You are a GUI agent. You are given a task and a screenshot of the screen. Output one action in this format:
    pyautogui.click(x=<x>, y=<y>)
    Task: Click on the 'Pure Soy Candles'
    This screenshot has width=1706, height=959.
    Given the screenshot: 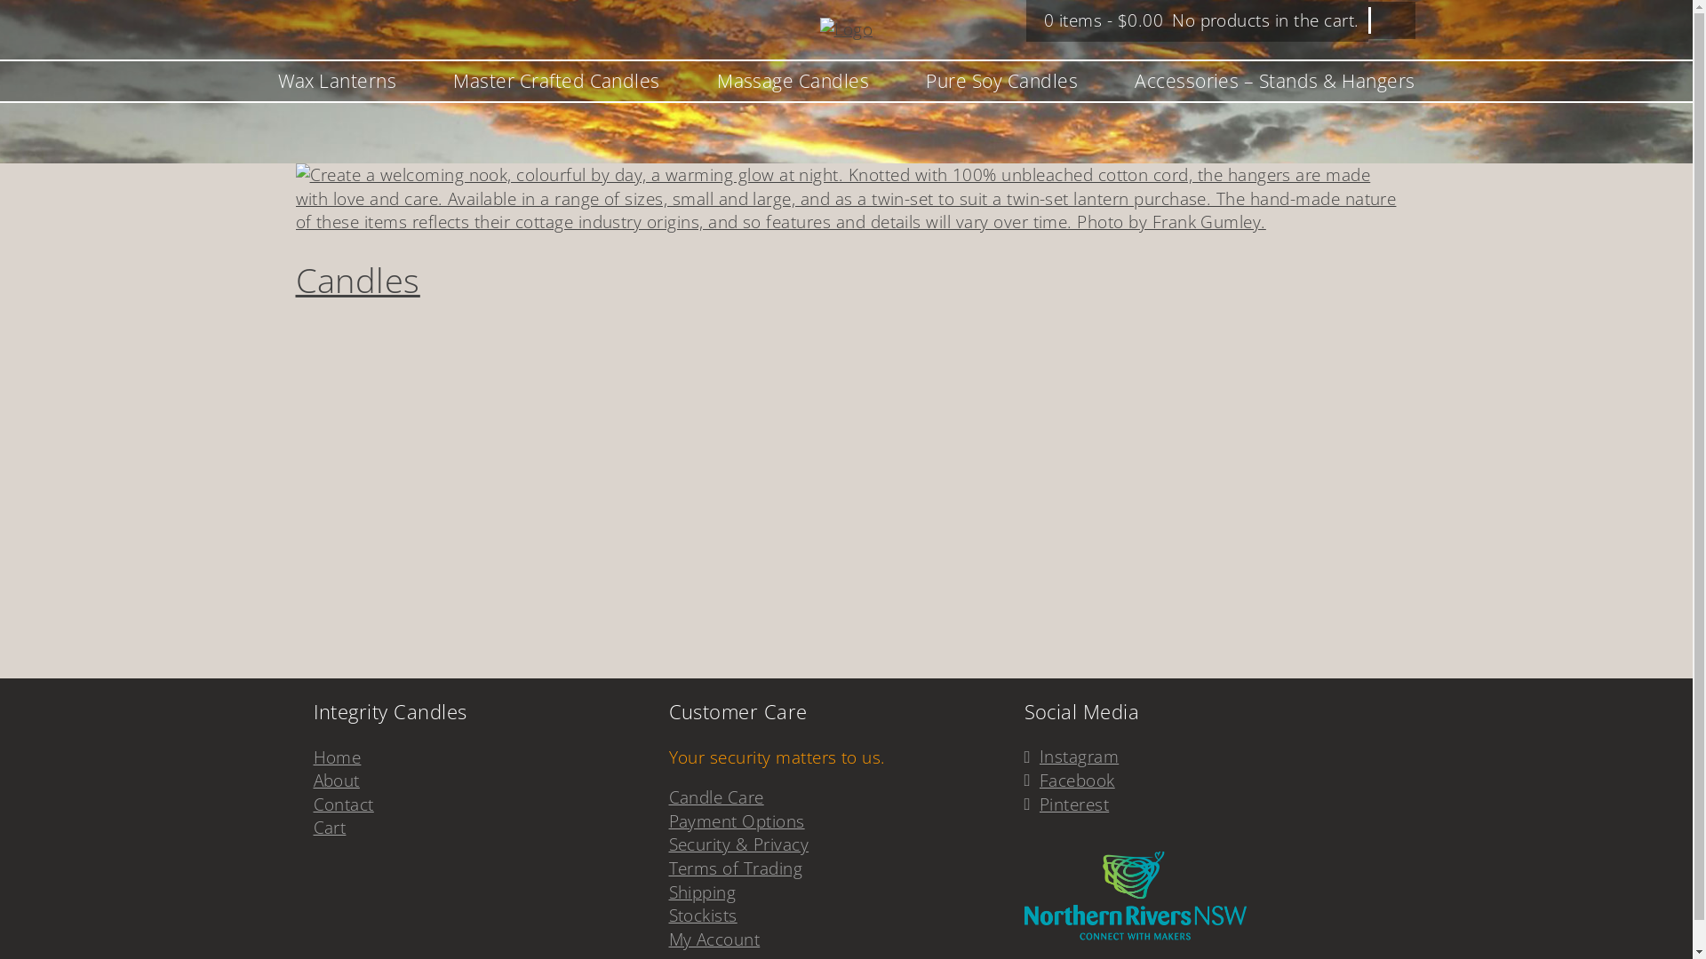 What is the action you would take?
    pyautogui.click(x=924, y=81)
    